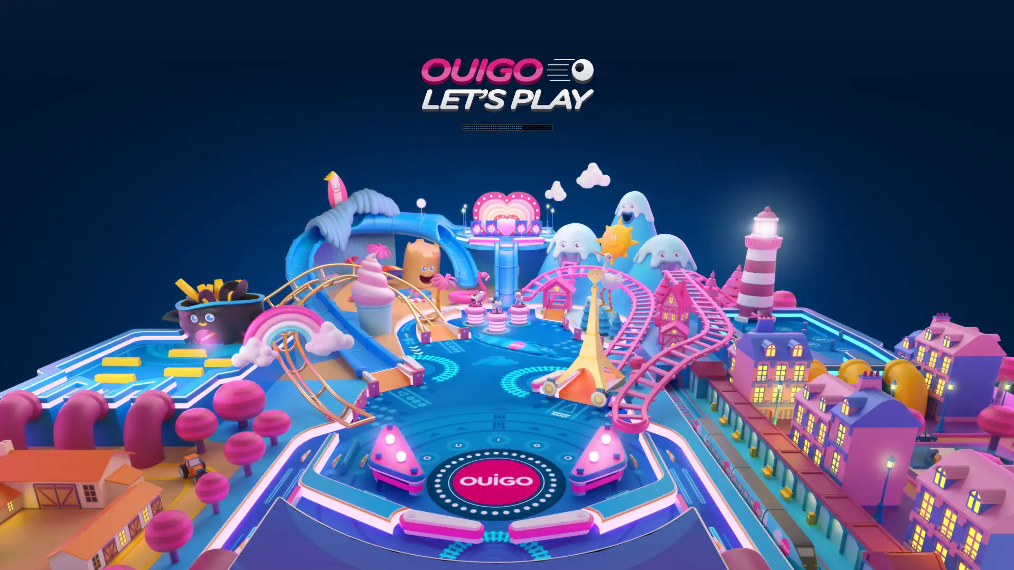  I want to click on CLASSEMENT, so click(507, 554).